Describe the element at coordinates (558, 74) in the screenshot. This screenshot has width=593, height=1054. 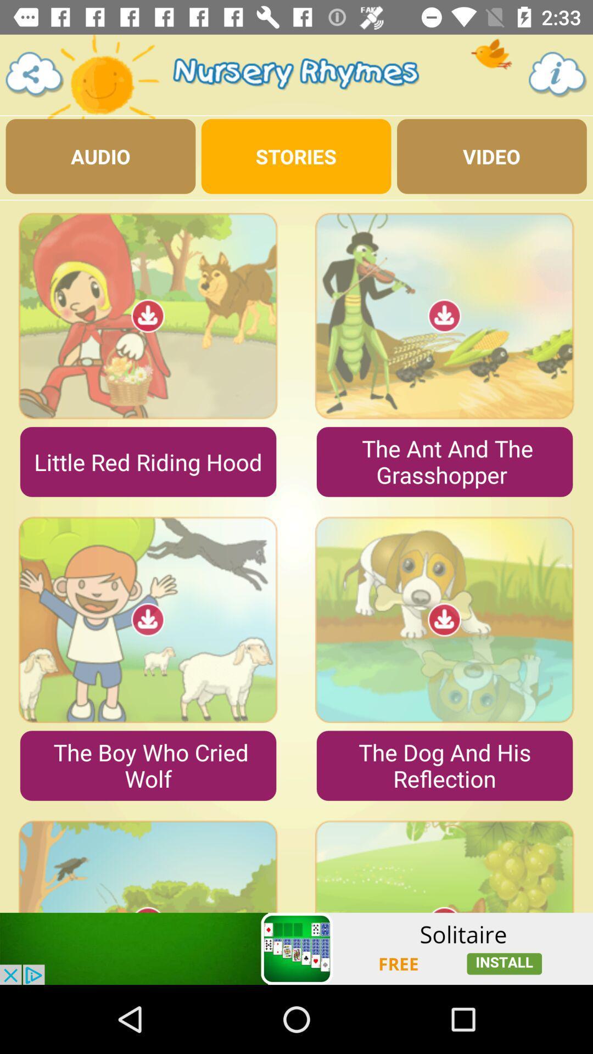
I see `the info icon` at that location.